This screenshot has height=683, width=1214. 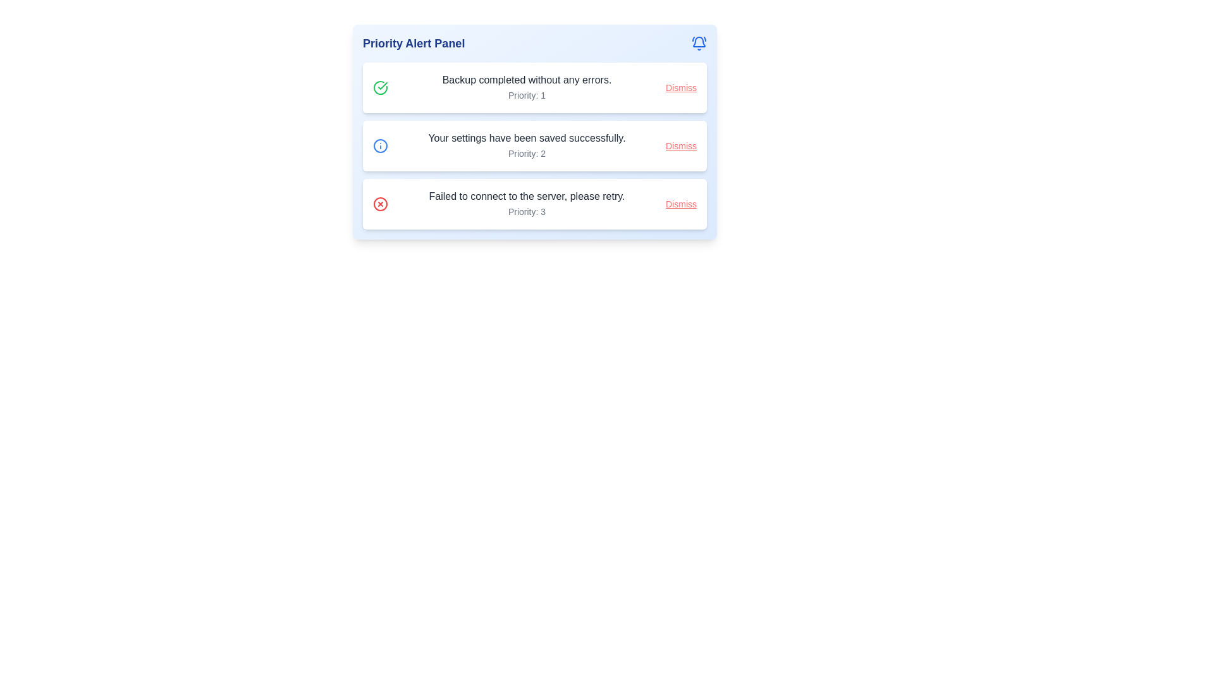 I want to click on the notification icon located at the top-right corner of the 'Priority Alert Panel', next to the panel's title, so click(x=698, y=43).